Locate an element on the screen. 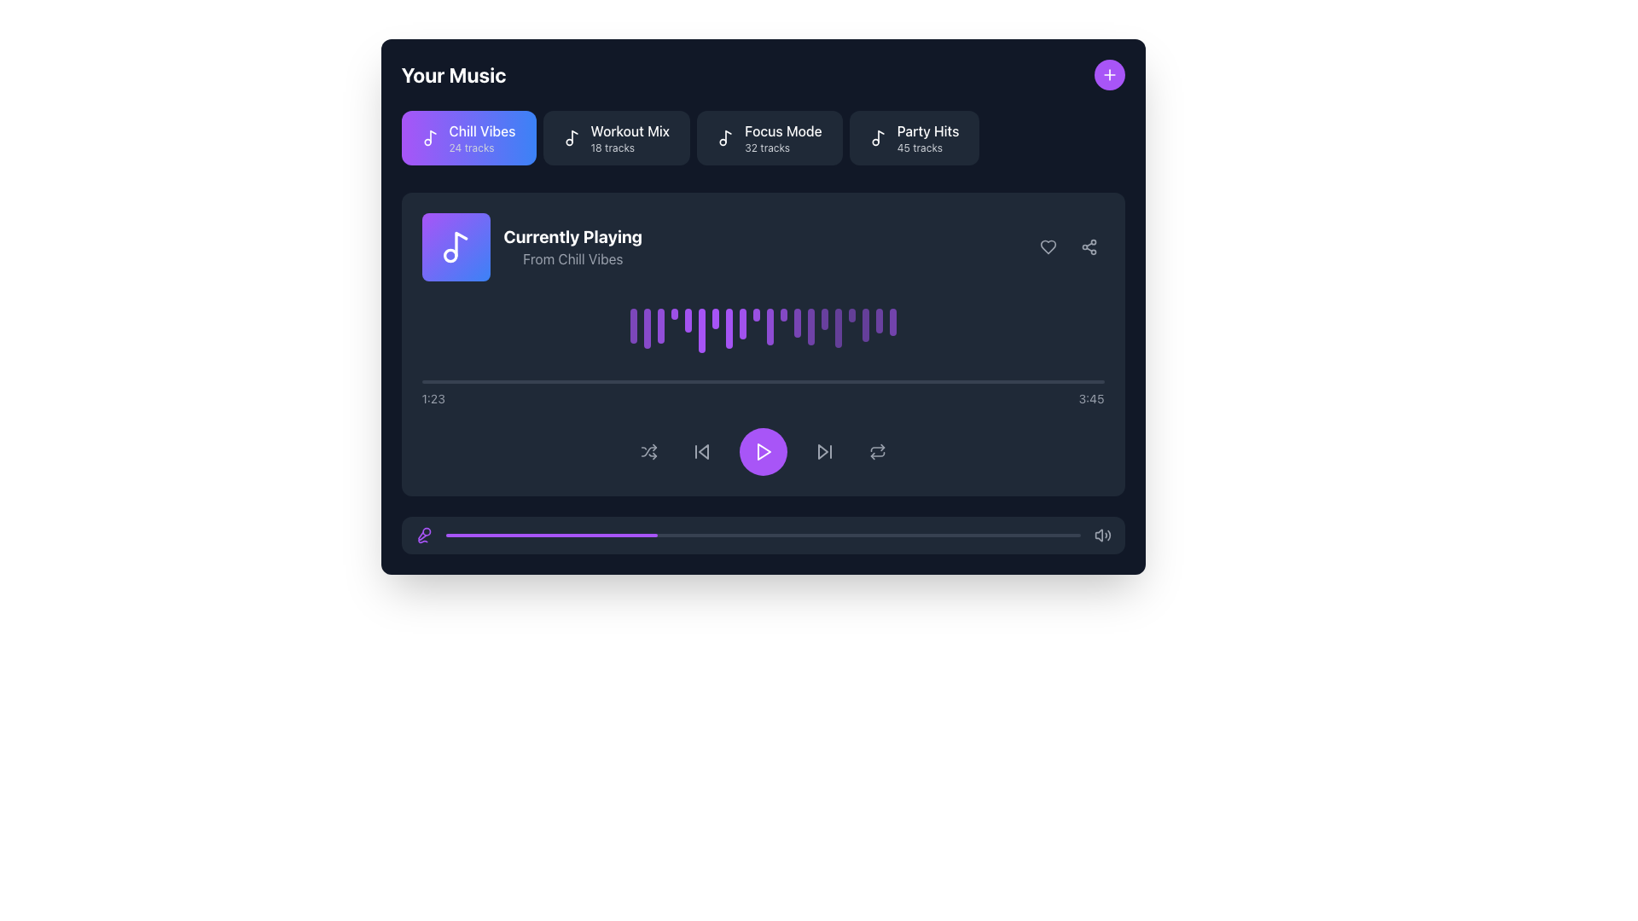  the text label displaying '32 tracks', which is styled with a small font size and gray color, located below the 'Focus Mode' header in the top navigation menu is located at coordinates (766, 147).